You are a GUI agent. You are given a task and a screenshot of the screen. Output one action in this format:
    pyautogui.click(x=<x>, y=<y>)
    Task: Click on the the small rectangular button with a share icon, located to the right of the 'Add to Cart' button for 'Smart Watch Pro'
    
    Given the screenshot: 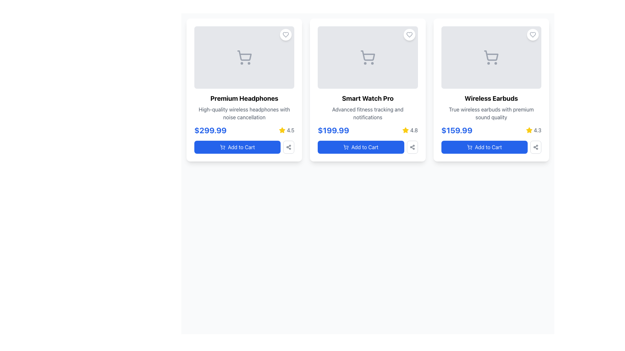 What is the action you would take?
    pyautogui.click(x=412, y=147)
    